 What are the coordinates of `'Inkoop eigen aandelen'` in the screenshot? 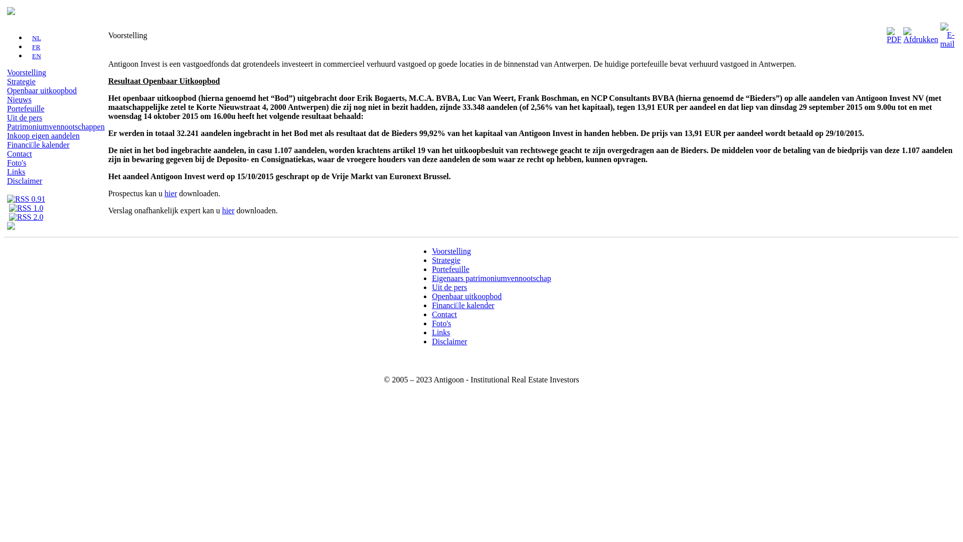 It's located at (43, 135).